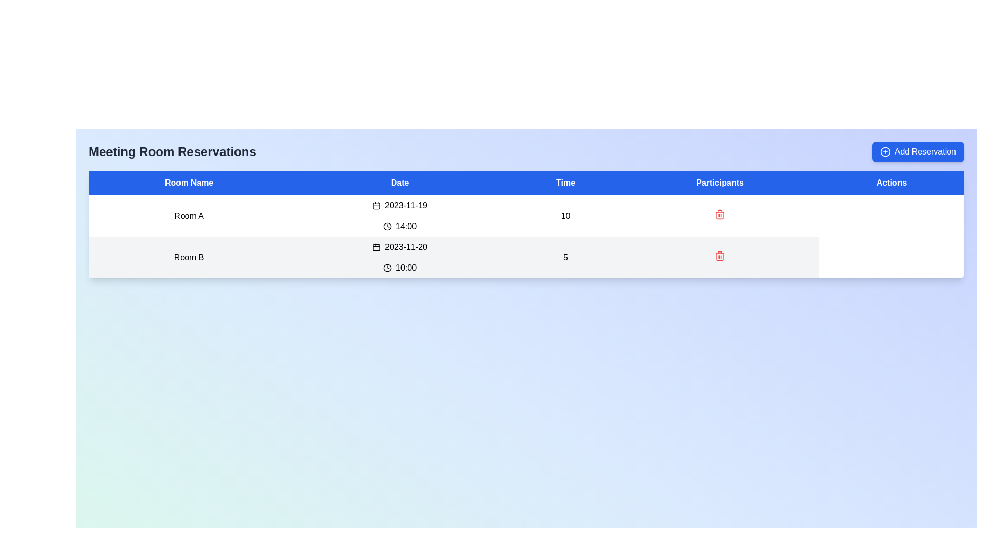  What do you see at coordinates (884, 152) in the screenshot?
I see `the circular icon with a plus decoration located within the 'Add Reservation' button at the upper-right corner of the interface` at bounding box center [884, 152].